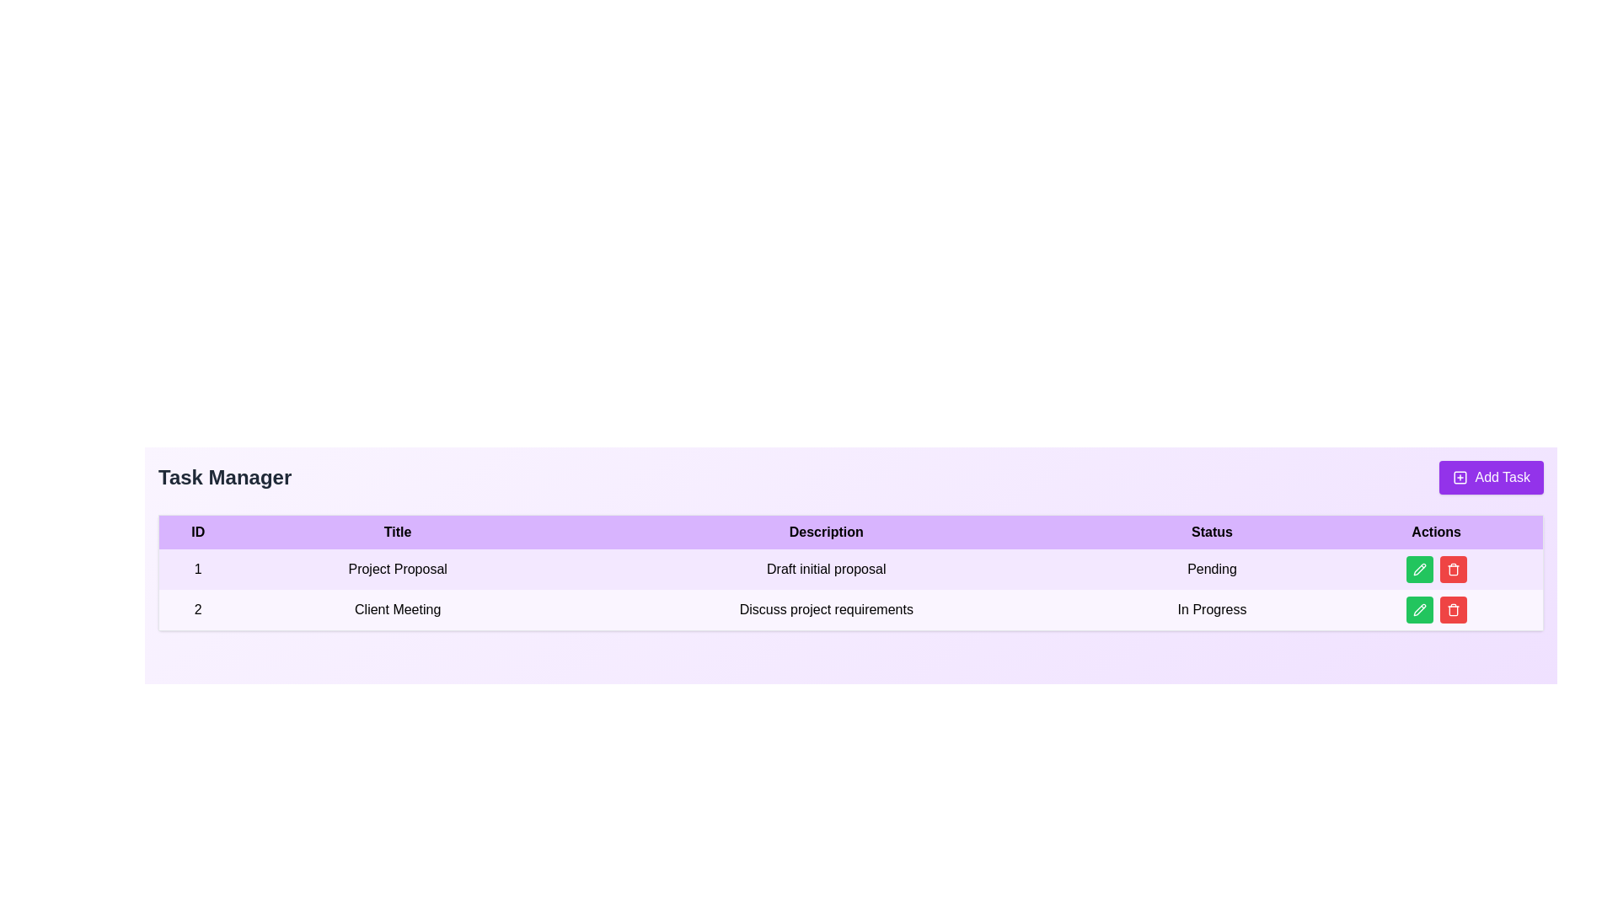 The image size is (1618, 910). Describe the element at coordinates (1418, 569) in the screenshot. I see `the pencil icon in the 'Actions' column of the second row to initiate editing of the 'Client Meeting' task entry` at that location.